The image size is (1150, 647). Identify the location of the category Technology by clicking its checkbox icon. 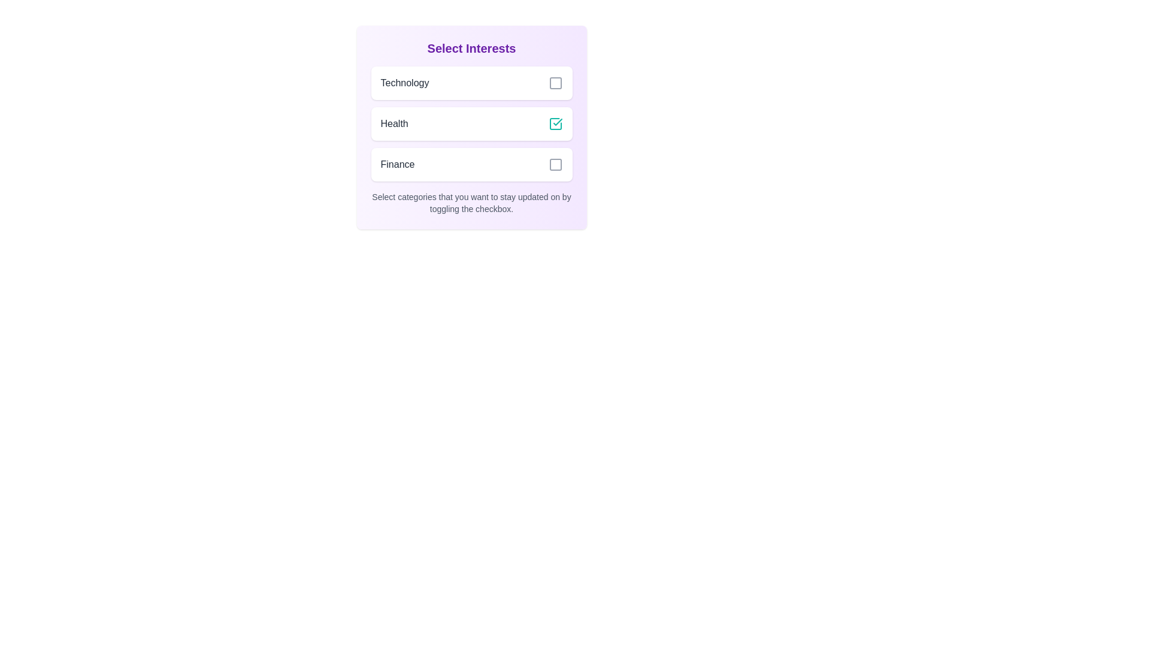
(555, 82).